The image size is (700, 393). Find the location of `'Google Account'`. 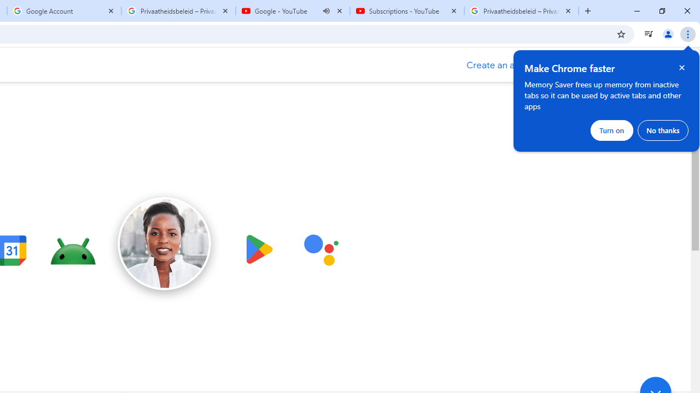

'Google Account' is located at coordinates (63, 11).